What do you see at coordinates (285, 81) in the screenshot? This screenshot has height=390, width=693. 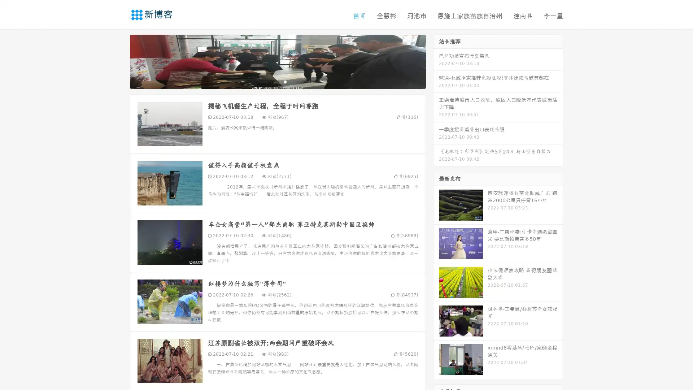 I see `Go to slide 3` at bounding box center [285, 81].